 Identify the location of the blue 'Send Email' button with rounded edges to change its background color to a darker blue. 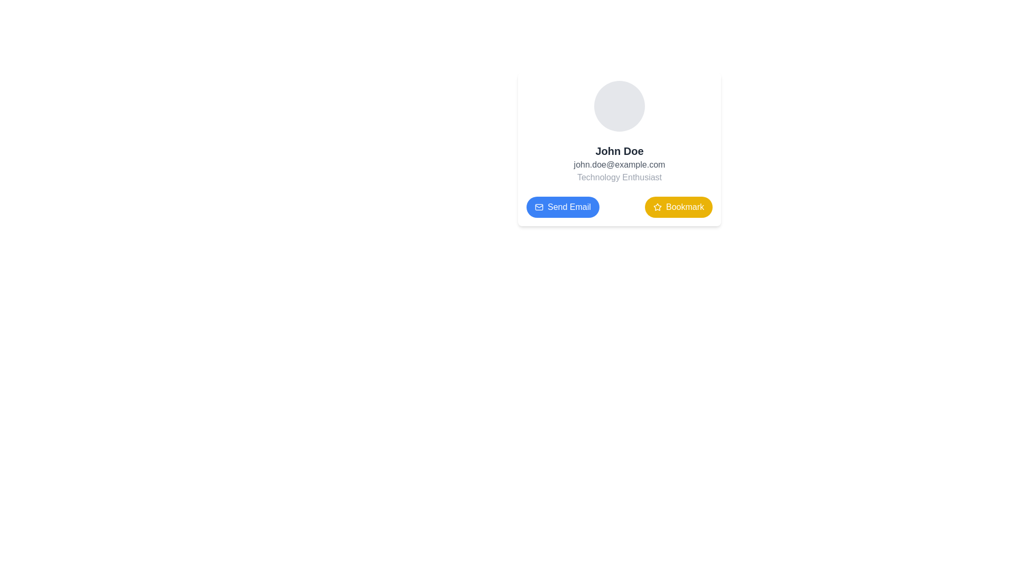
(562, 207).